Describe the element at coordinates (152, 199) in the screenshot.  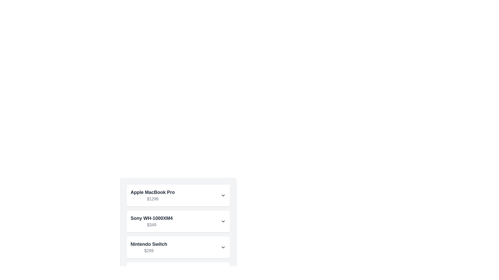
I see `the price display element indicating the price of the product labeled 'Apple MacBook Pro', which is positioned below the product name` at that location.